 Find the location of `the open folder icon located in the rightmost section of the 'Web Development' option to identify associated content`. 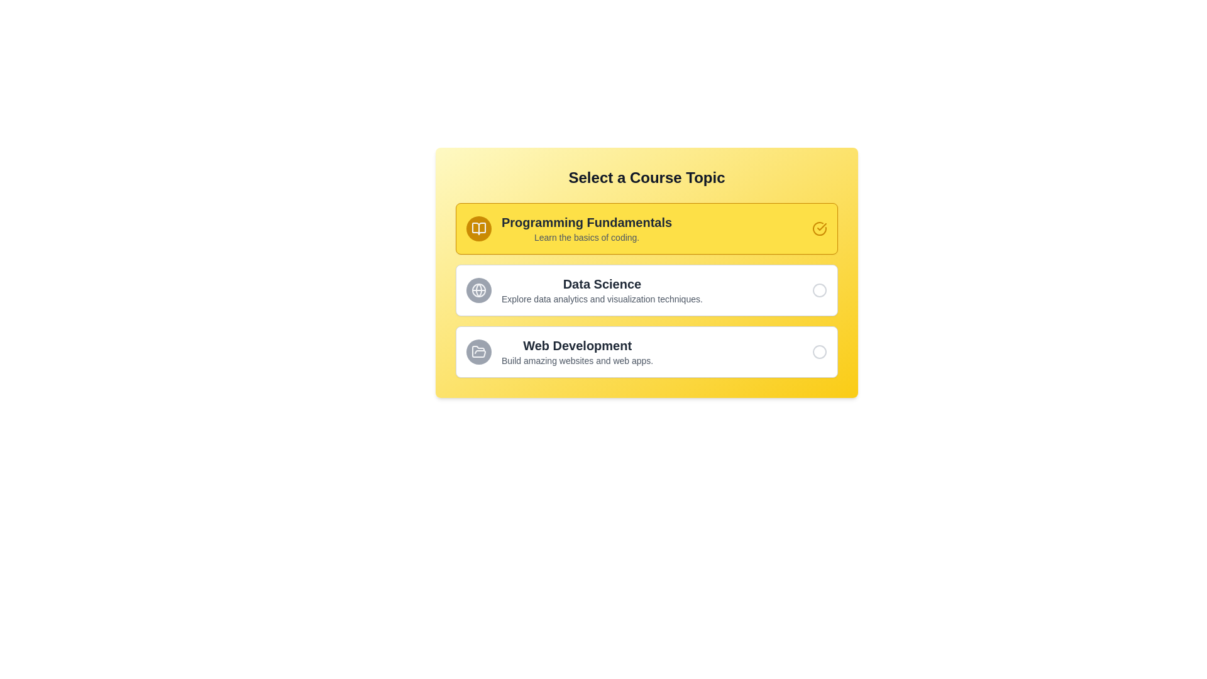

the open folder icon located in the rightmost section of the 'Web Development' option to identify associated content is located at coordinates (478, 351).